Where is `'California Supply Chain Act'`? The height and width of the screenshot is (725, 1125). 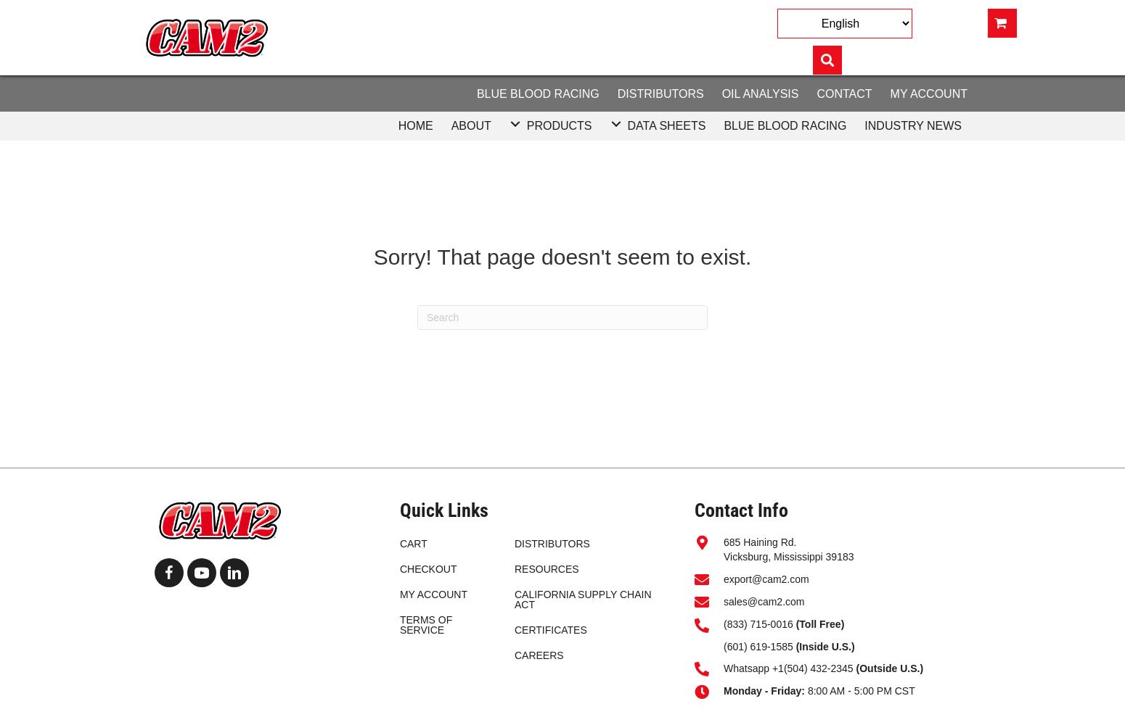
'California Supply Chain Act' is located at coordinates (581, 599).